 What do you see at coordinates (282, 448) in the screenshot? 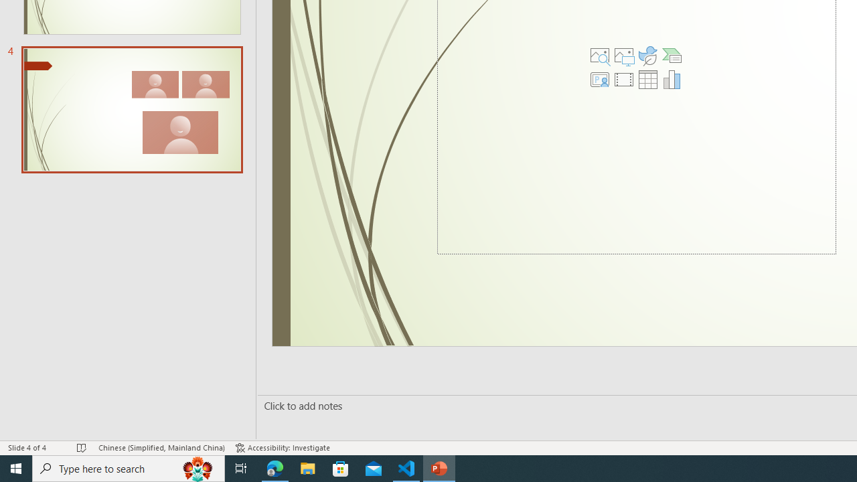
I see `'Accessibility Checker Accessibility: Investigate'` at bounding box center [282, 448].